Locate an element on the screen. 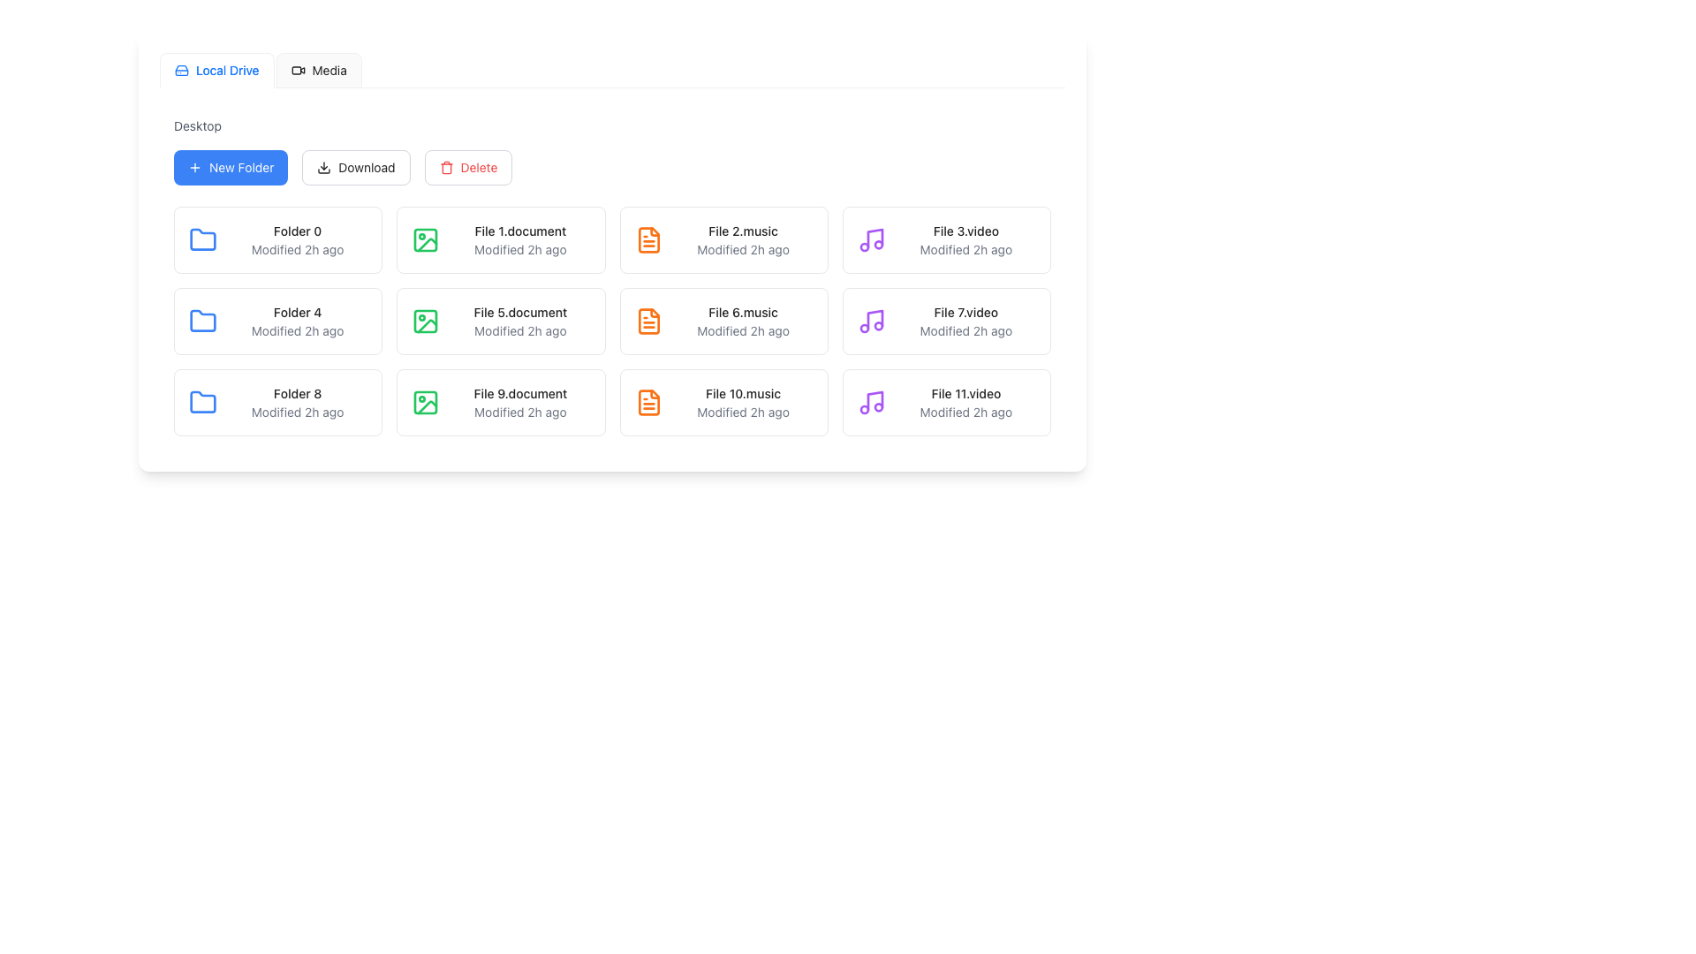 The width and height of the screenshot is (1696, 954). the video camera icon located to the left of the text 'Media' at the top-center of the interface is located at coordinates (298, 70).